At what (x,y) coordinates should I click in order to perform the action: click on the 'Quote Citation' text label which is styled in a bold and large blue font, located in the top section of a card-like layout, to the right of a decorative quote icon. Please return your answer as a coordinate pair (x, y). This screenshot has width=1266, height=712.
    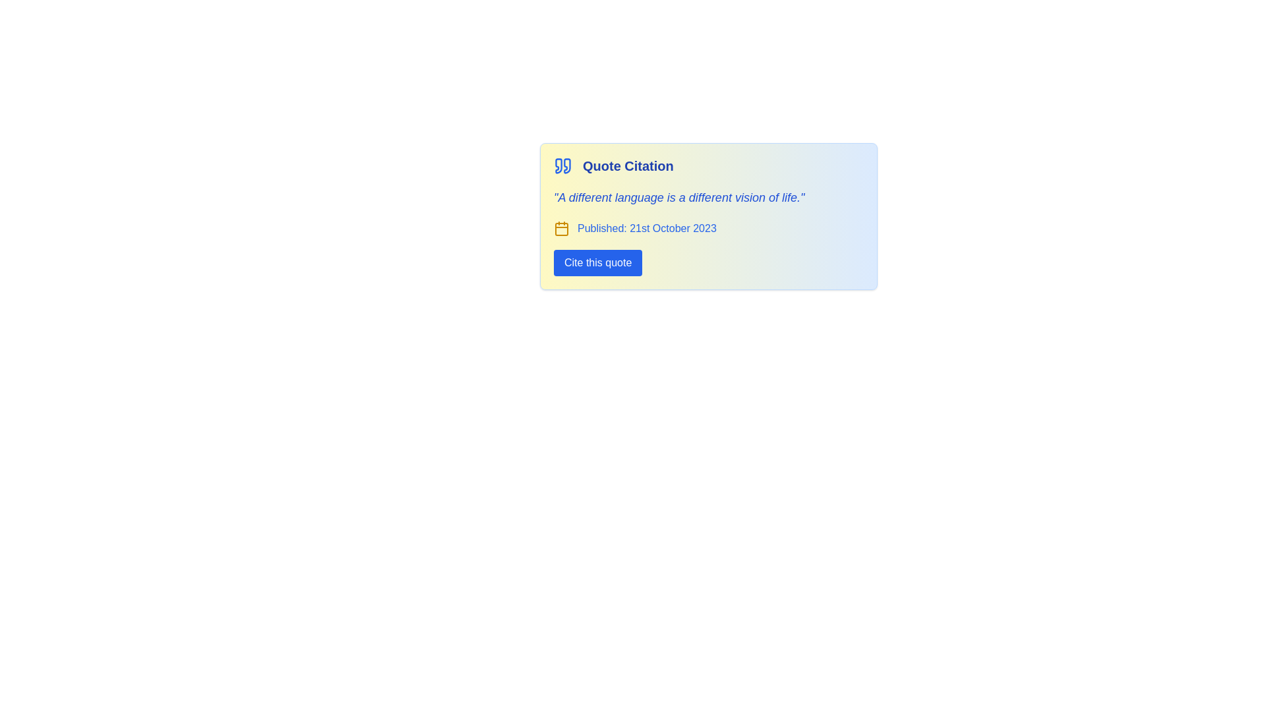
    Looking at the image, I should click on (627, 165).